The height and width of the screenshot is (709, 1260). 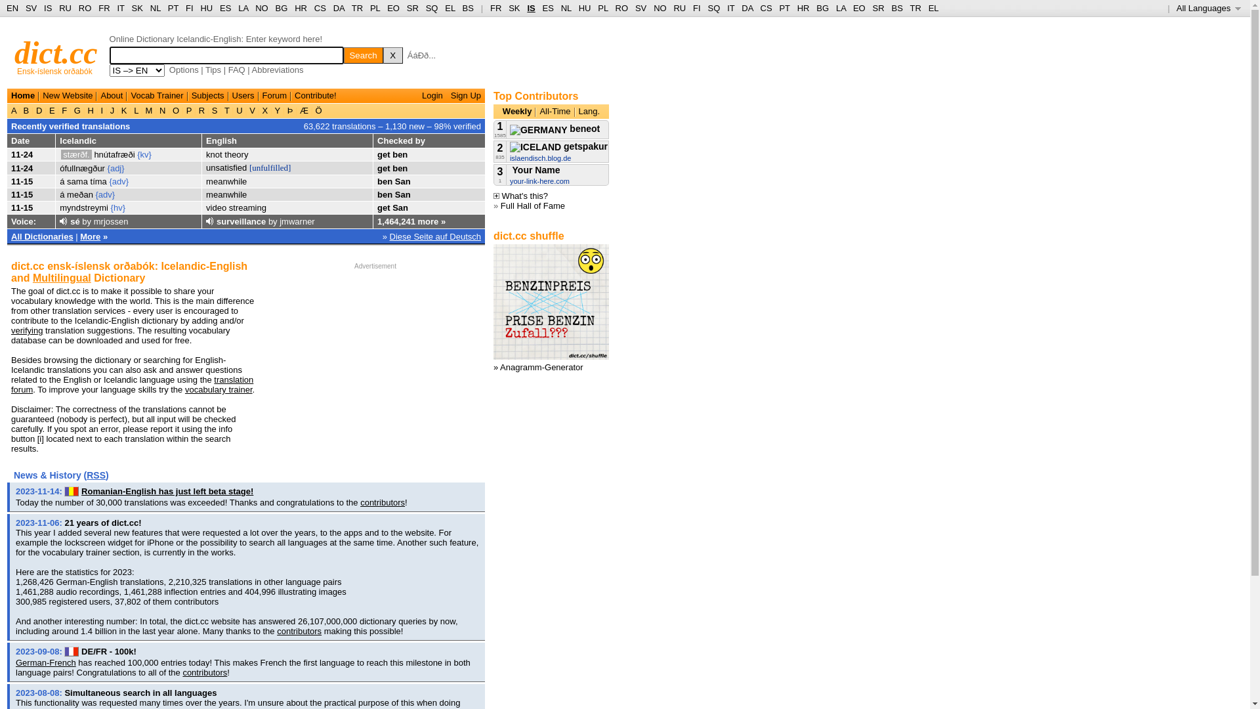 What do you see at coordinates (299, 630) in the screenshot?
I see `'contributors'` at bounding box center [299, 630].